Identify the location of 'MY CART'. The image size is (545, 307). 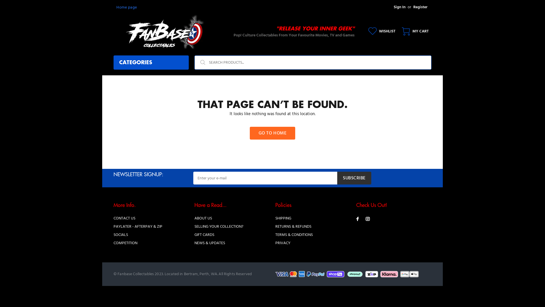
(413, 31).